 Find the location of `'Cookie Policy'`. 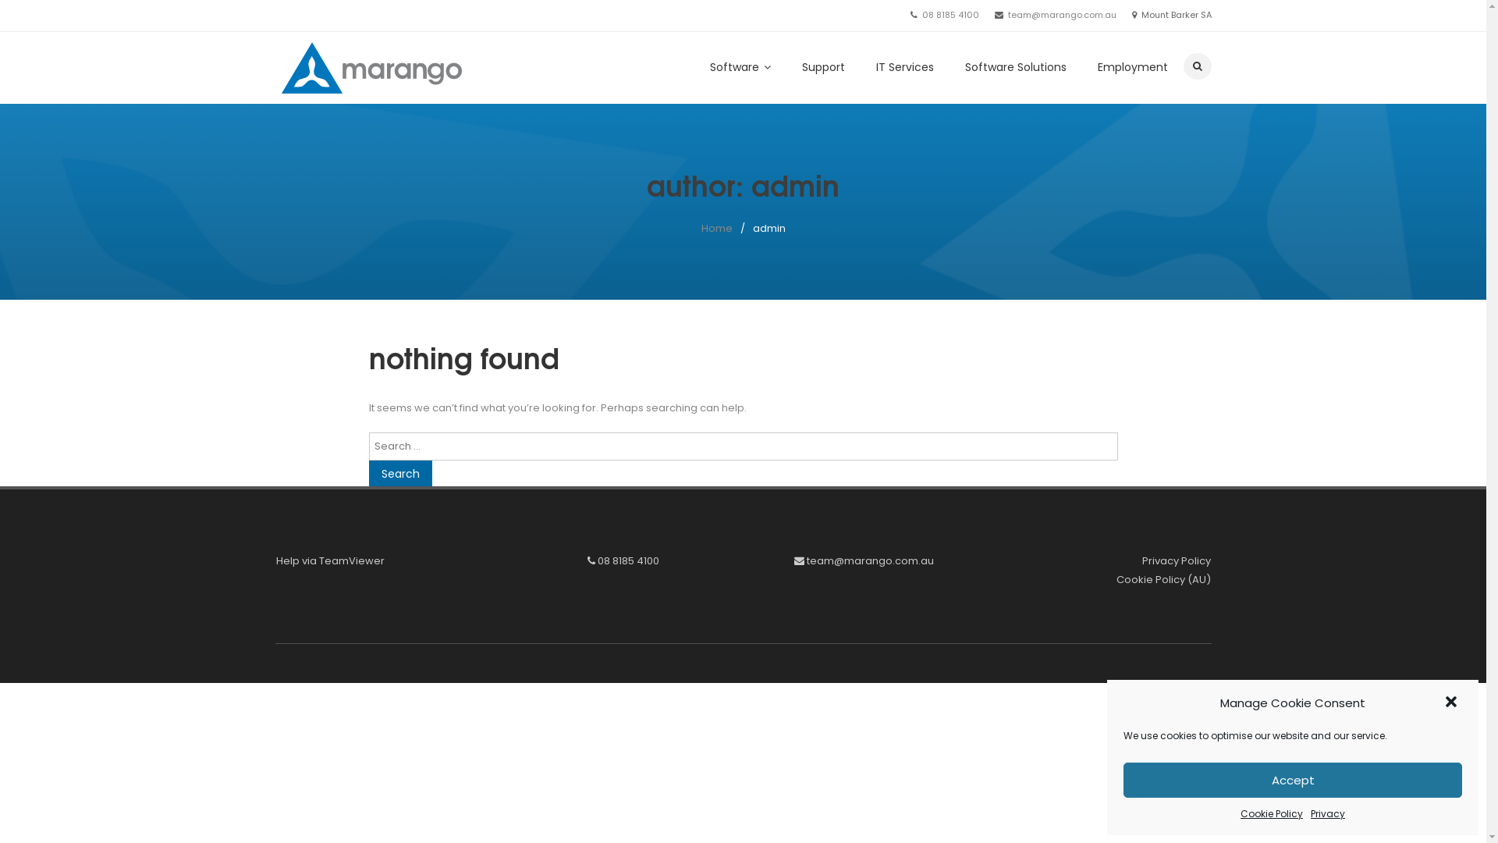

'Cookie Policy' is located at coordinates (1239, 813).